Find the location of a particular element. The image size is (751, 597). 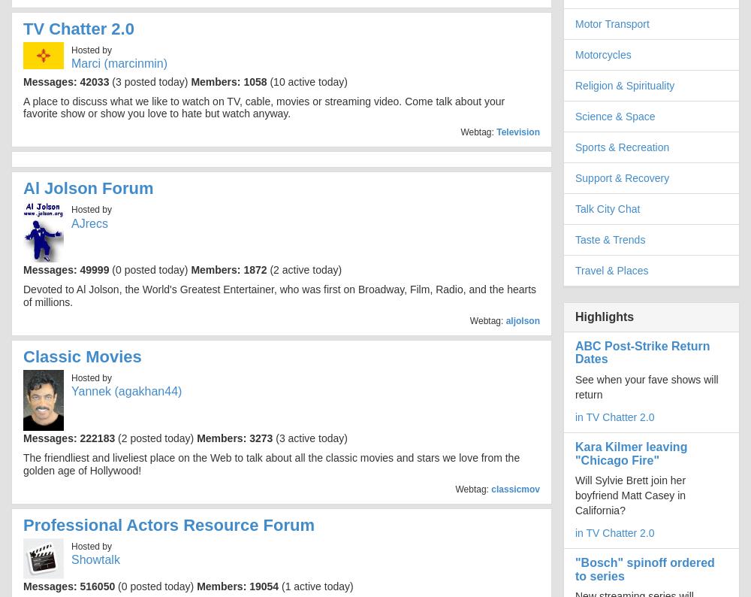

'AJrecs' is located at coordinates (89, 223).